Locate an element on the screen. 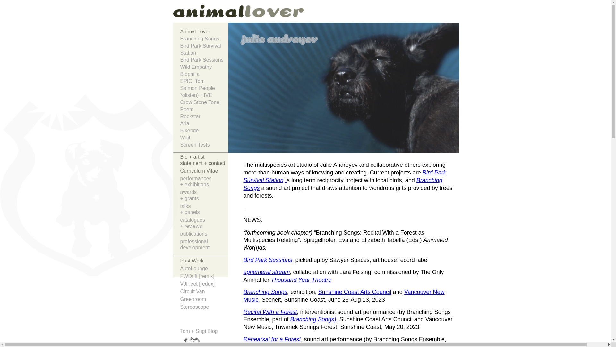 The height and width of the screenshot is (347, 616). 'Biophilia' is located at coordinates (180, 74).